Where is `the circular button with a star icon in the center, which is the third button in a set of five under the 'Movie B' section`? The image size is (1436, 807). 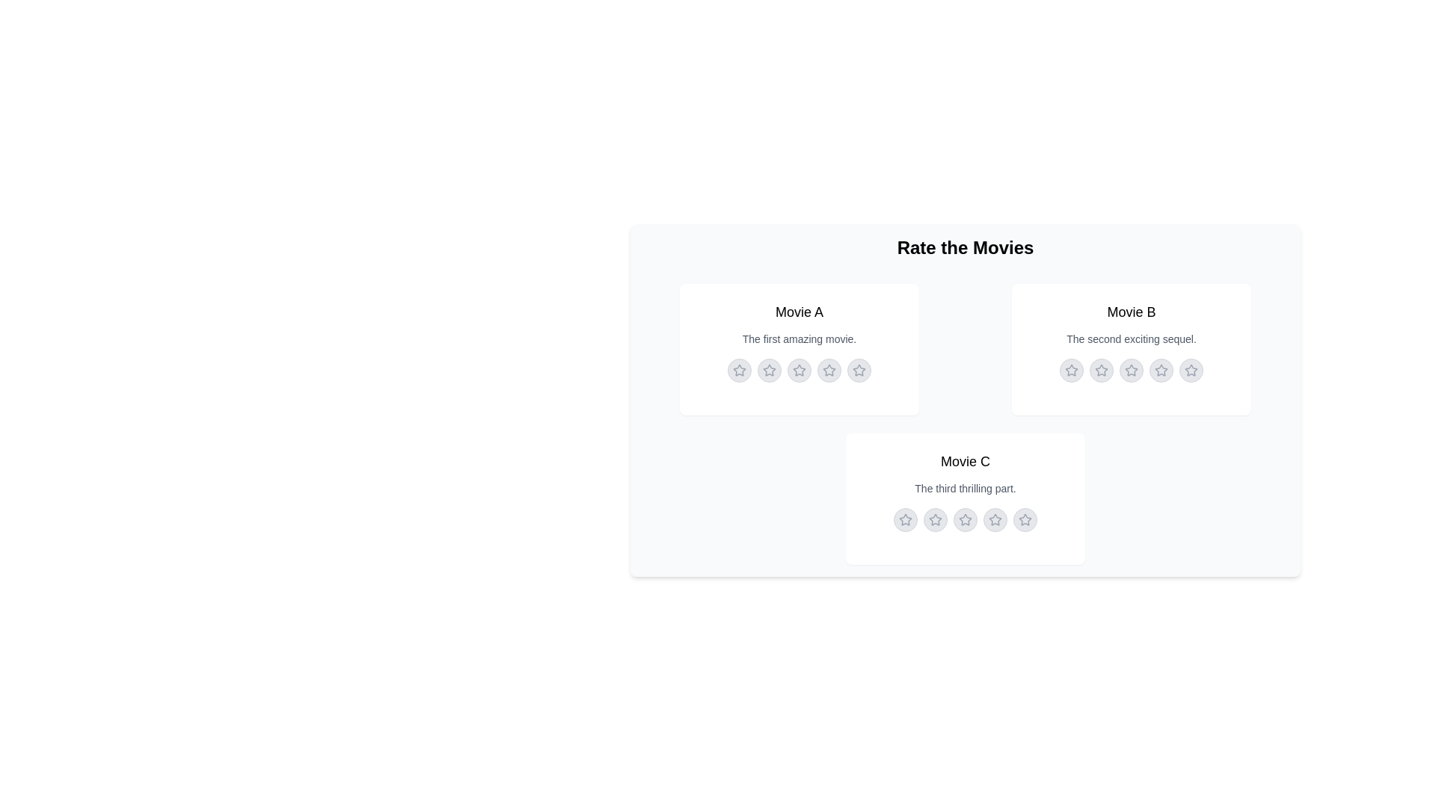
the circular button with a star icon in the center, which is the third button in a set of five under the 'Movie B' section is located at coordinates (1131, 370).